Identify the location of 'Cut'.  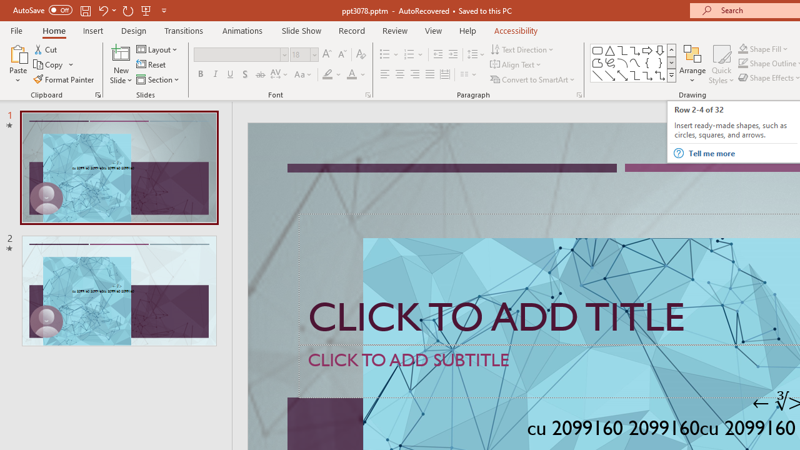
(46, 49).